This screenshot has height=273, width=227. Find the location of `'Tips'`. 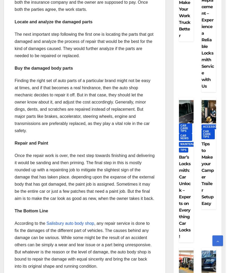

'Tips' is located at coordinates (183, 150).